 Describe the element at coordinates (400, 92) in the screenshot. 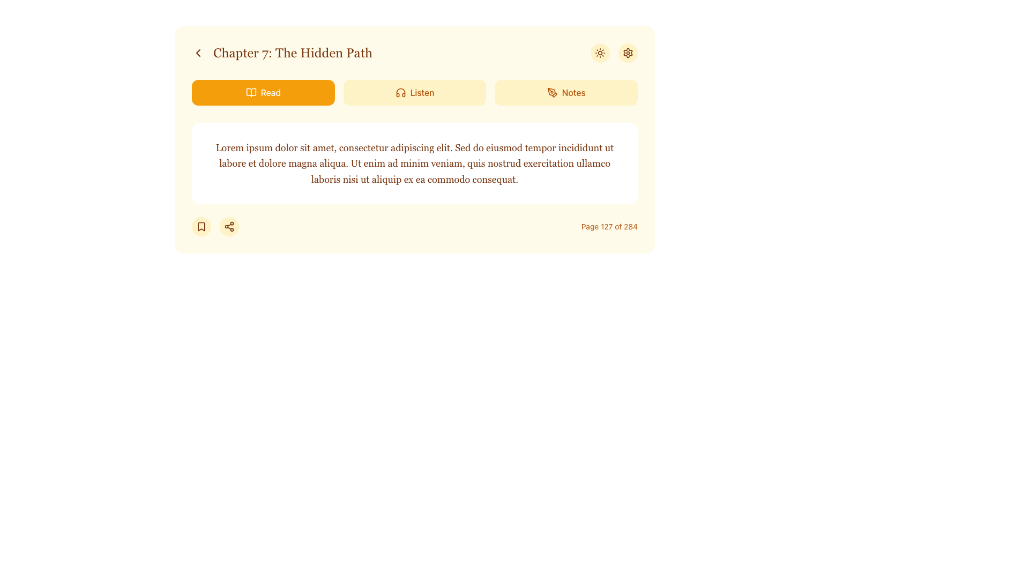

I see `the audio-related icon located within the 'Listen' button, which is the second button in a row of three at the top-center of the interface` at that location.